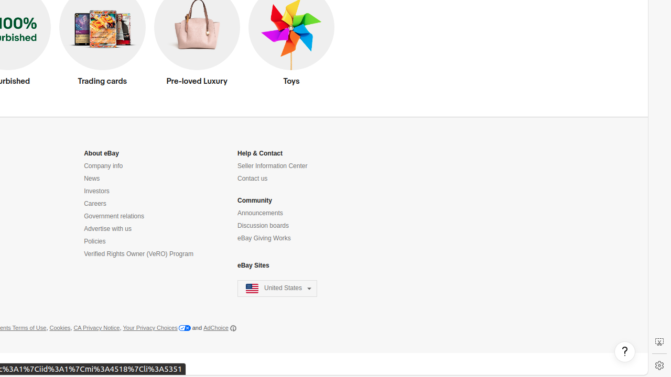 The image size is (671, 377). What do you see at coordinates (219, 327) in the screenshot?
I see `'AdChoice'` at bounding box center [219, 327].